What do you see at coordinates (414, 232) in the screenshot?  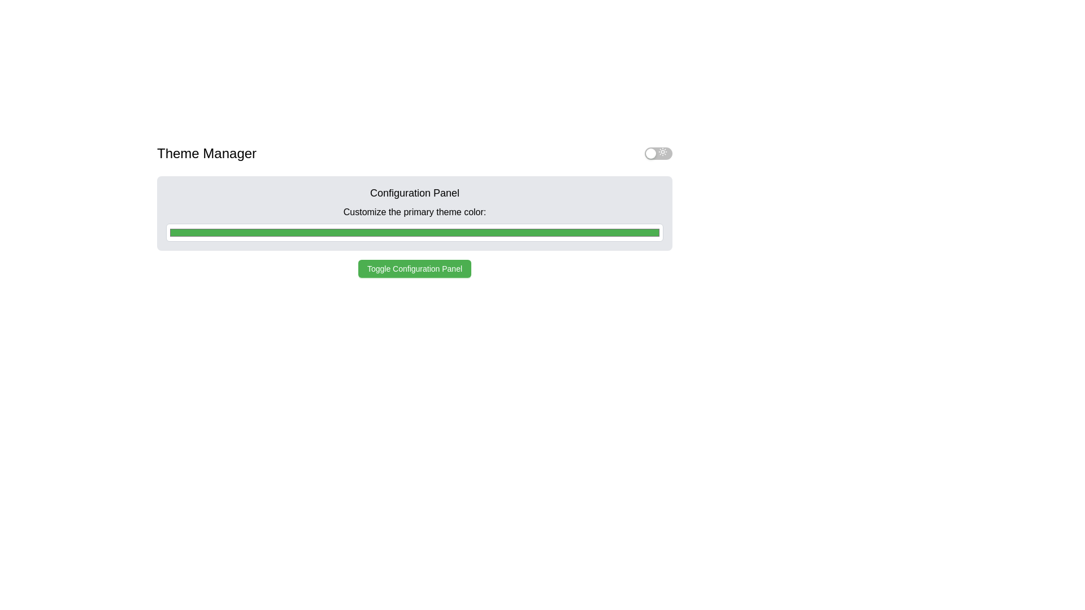 I see `the Color input field with a green background and light gray outline` at bounding box center [414, 232].